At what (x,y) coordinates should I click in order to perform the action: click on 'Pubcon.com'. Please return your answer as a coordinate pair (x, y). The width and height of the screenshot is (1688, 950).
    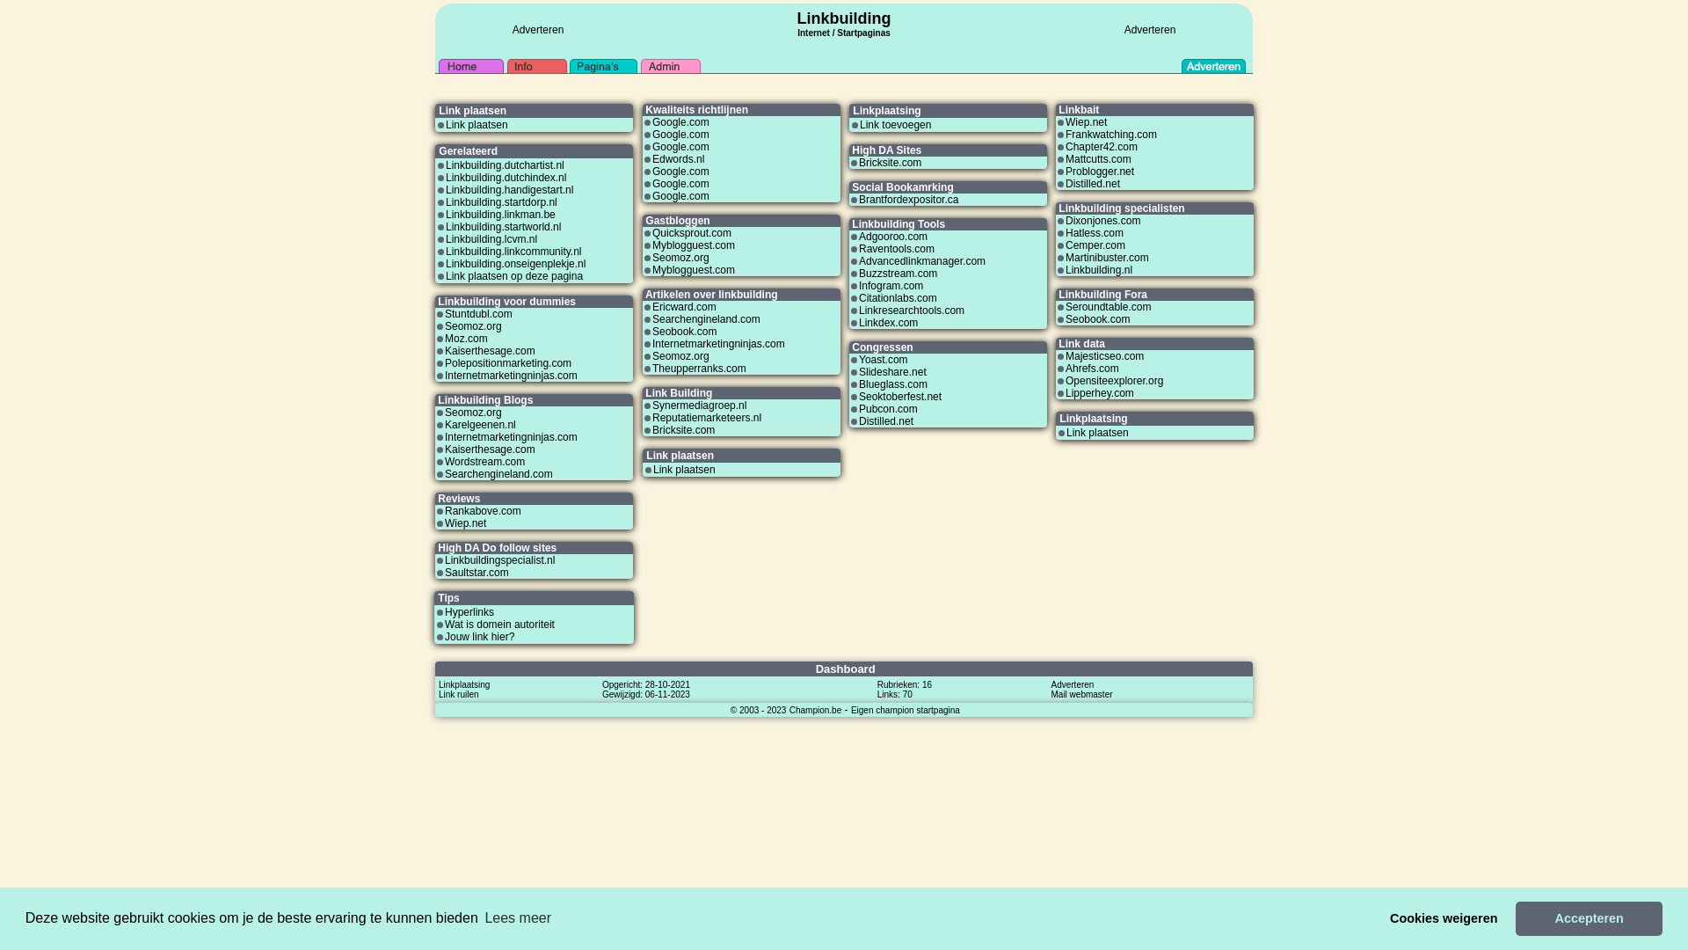
    Looking at the image, I should click on (888, 409).